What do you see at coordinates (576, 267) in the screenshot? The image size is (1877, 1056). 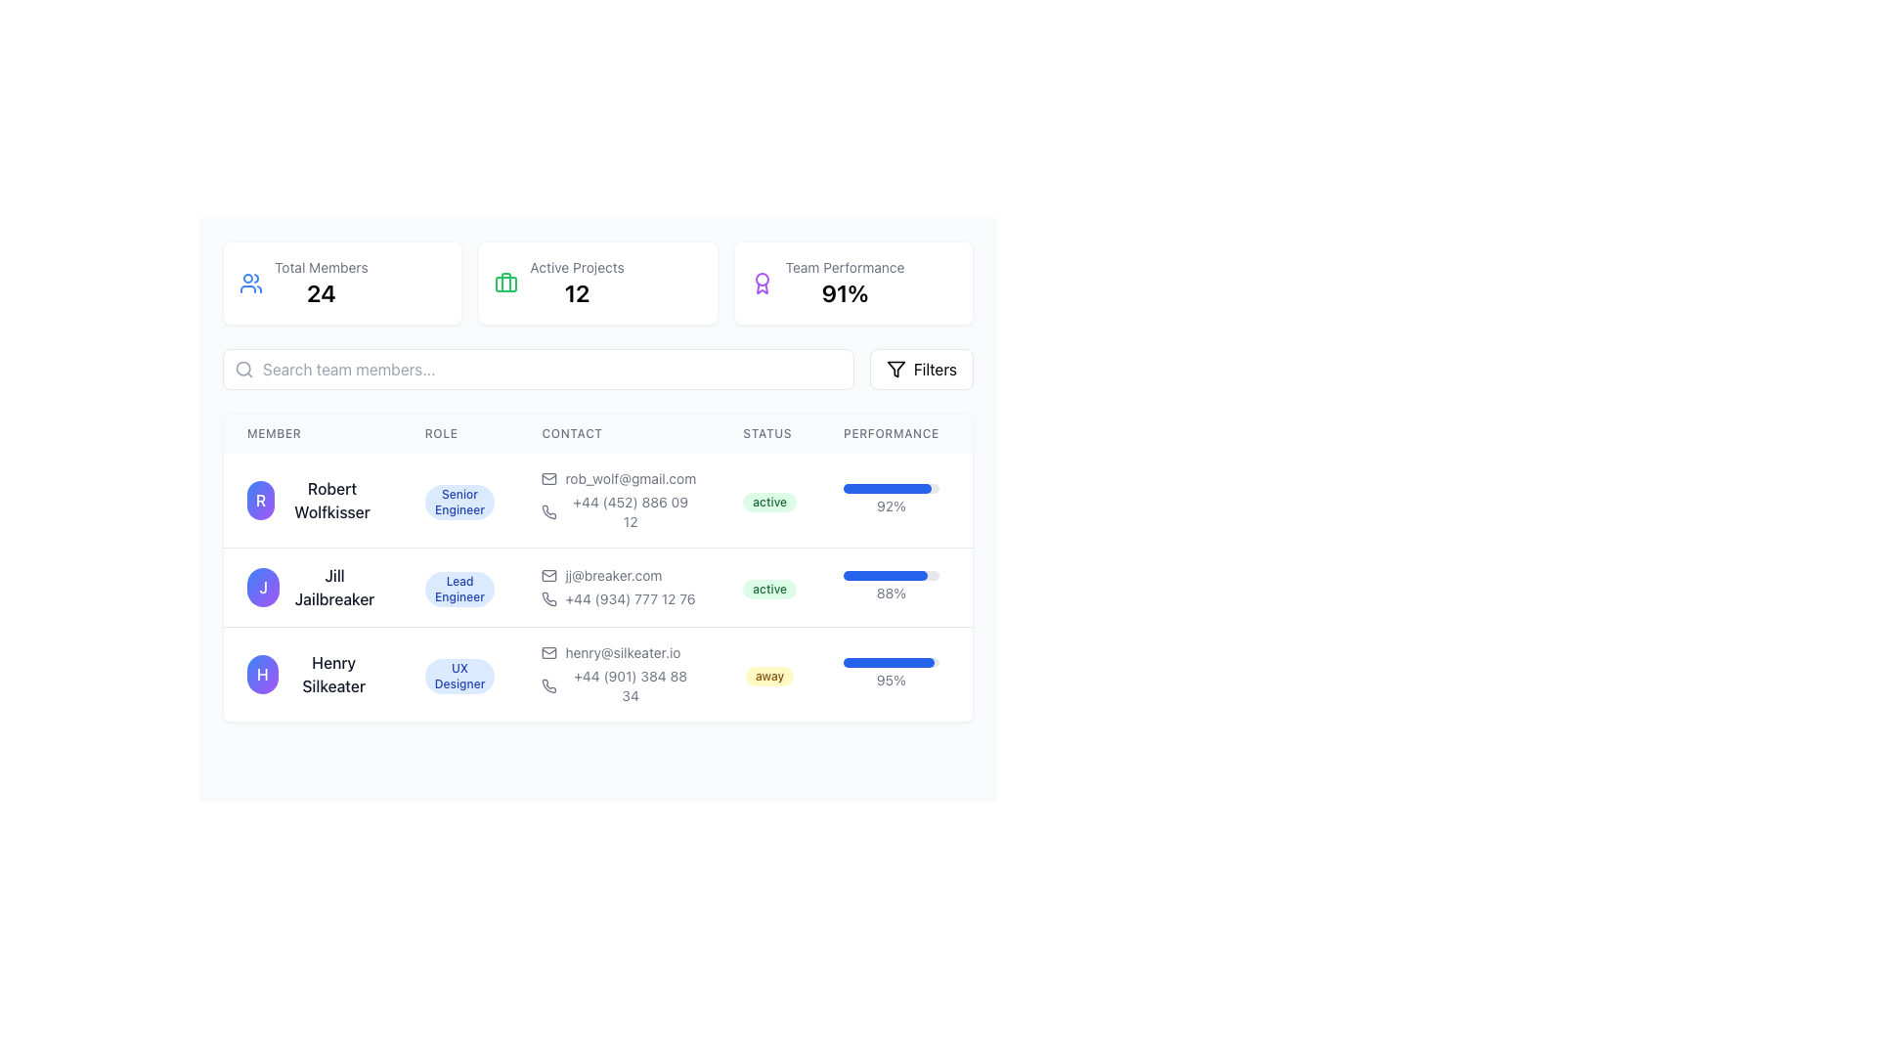 I see `the 'Active Projects' static text label, which is a gray font color and serves as a descriptive title positioned centrally in a three-column layout` at bounding box center [576, 267].